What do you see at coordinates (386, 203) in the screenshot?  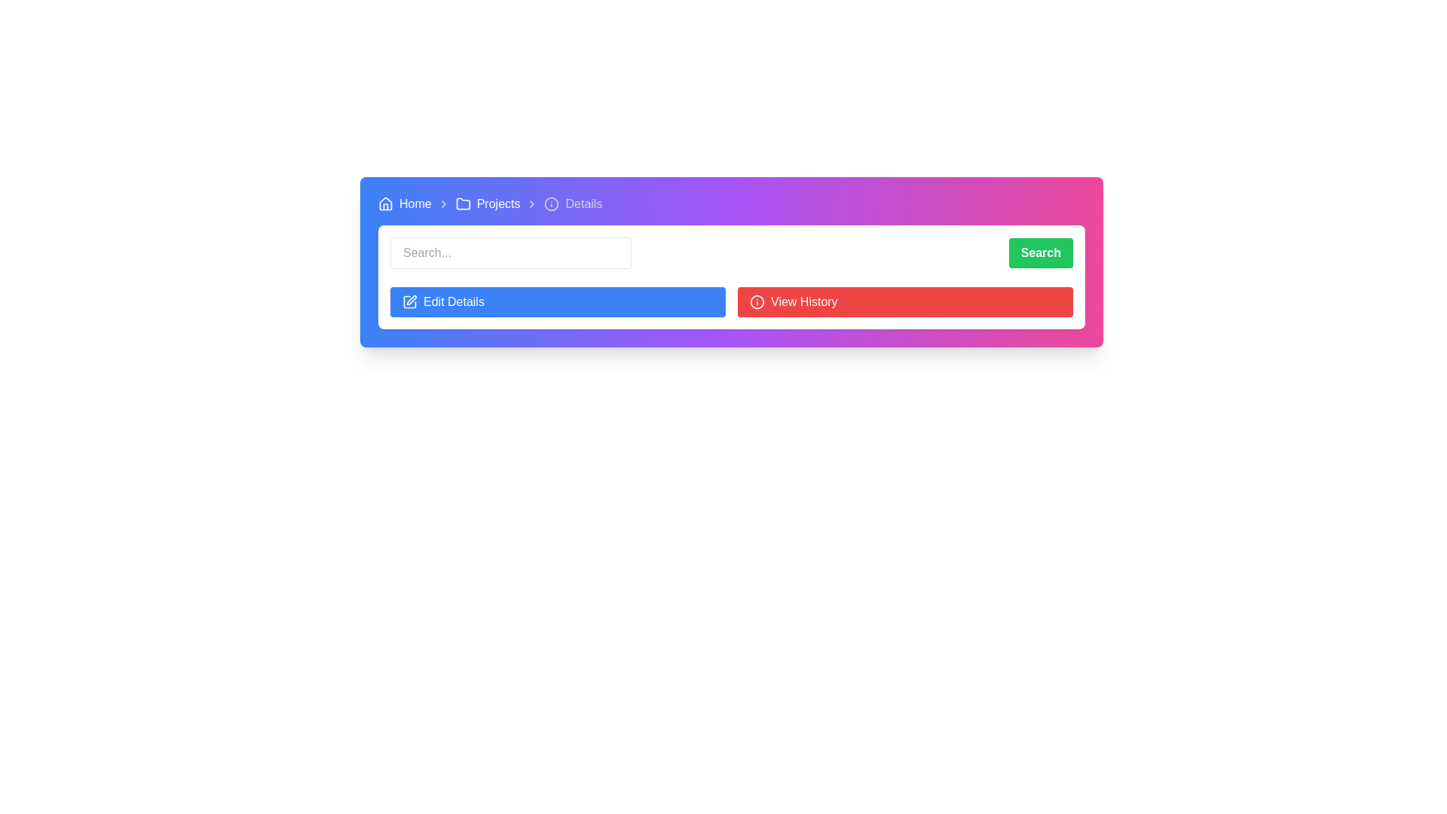 I see `the 'Home' icon in the breadcrumb navigation located at the top-left corner of the interface` at bounding box center [386, 203].